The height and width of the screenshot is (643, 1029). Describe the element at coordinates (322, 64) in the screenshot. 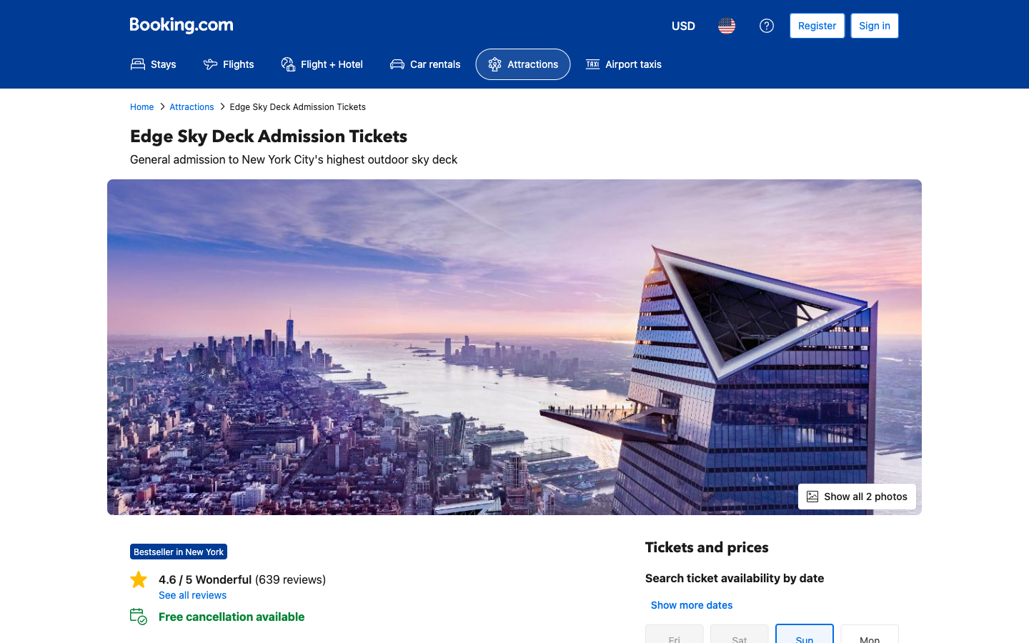

I see `Go to the combined flight and hotel booking page` at that location.